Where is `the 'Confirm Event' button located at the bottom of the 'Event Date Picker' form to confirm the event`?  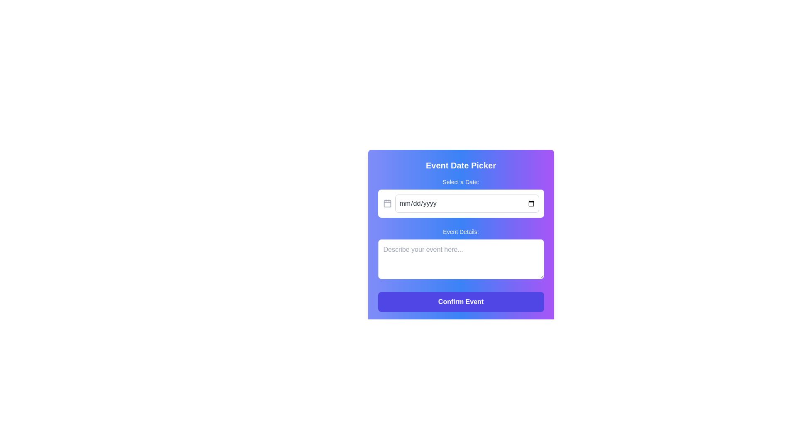 the 'Confirm Event' button located at the bottom of the 'Event Date Picker' form to confirm the event is located at coordinates (460, 302).